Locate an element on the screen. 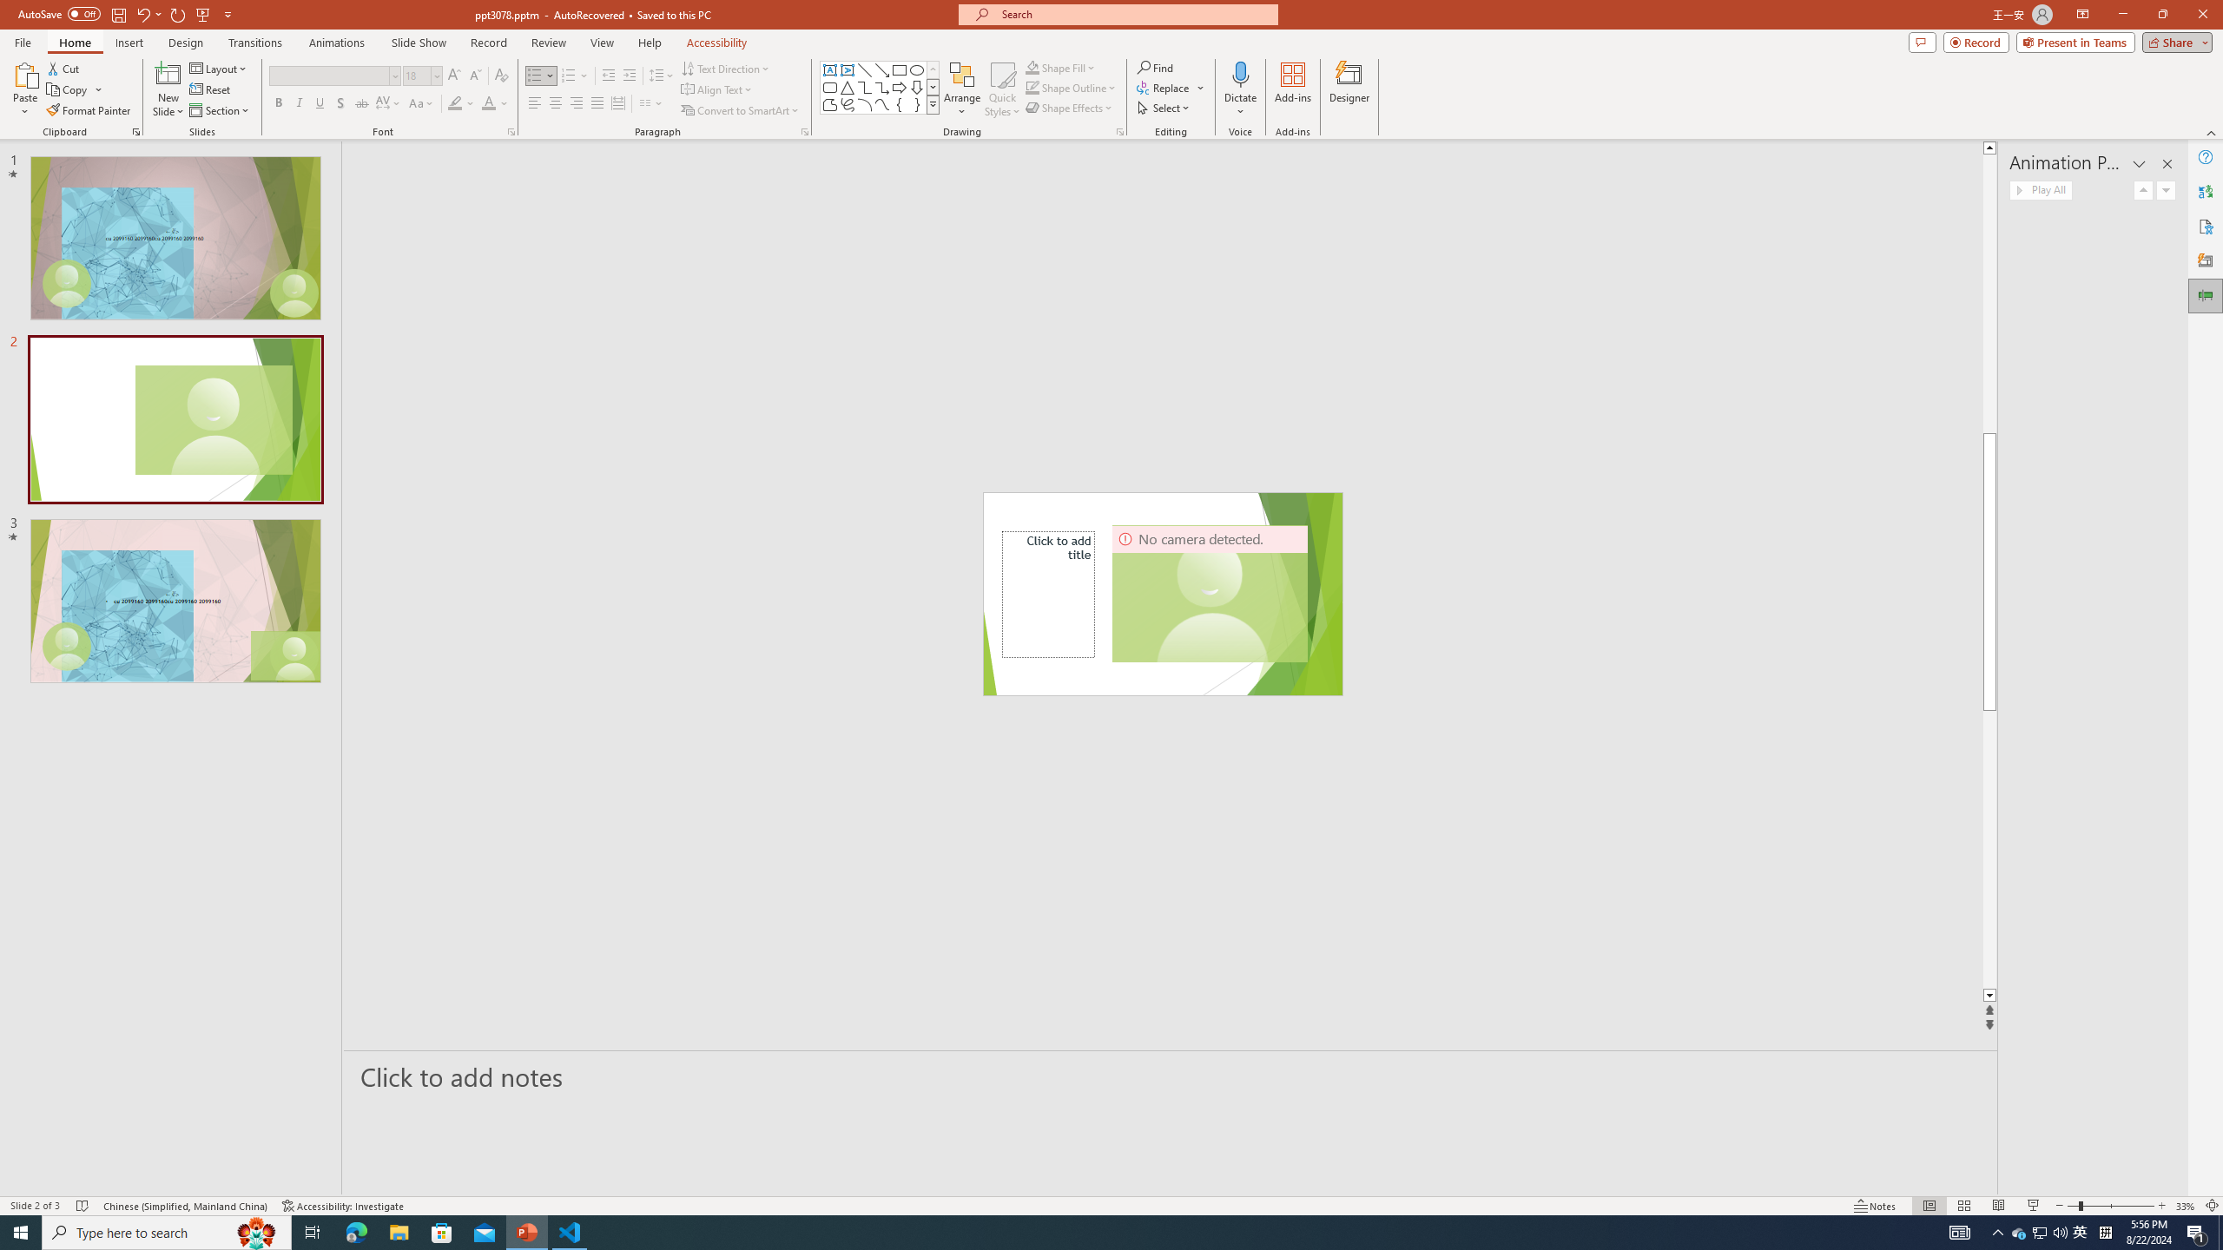  'Animation Pane' is located at coordinates (2205, 295).